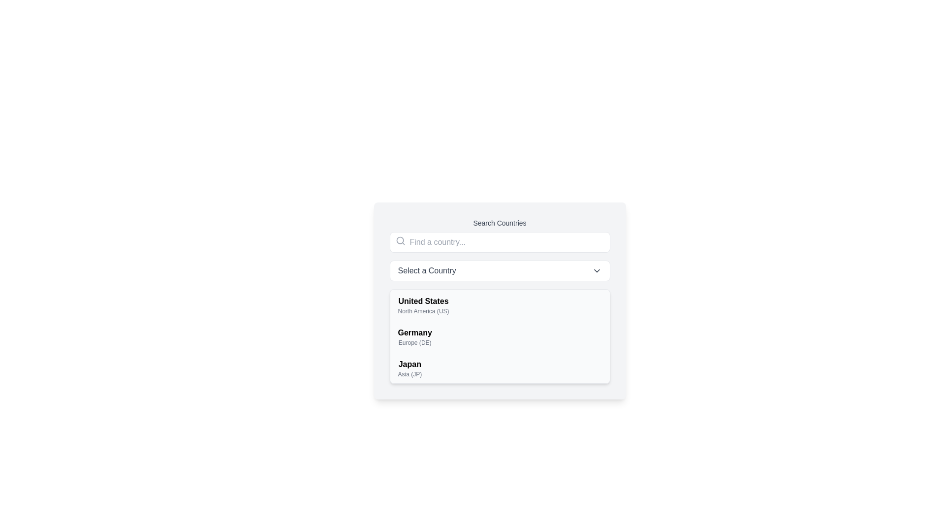  What do you see at coordinates (415, 336) in the screenshot?
I see `the second item in the country selection list` at bounding box center [415, 336].